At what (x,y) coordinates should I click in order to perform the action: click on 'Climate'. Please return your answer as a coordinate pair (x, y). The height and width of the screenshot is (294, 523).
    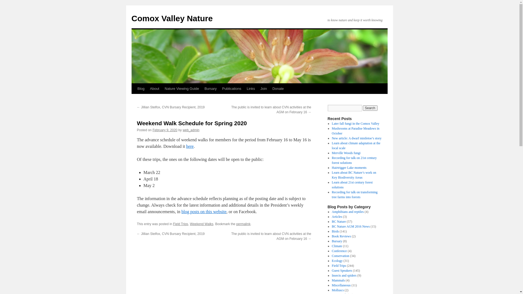
    Looking at the image, I should click on (332, 246).